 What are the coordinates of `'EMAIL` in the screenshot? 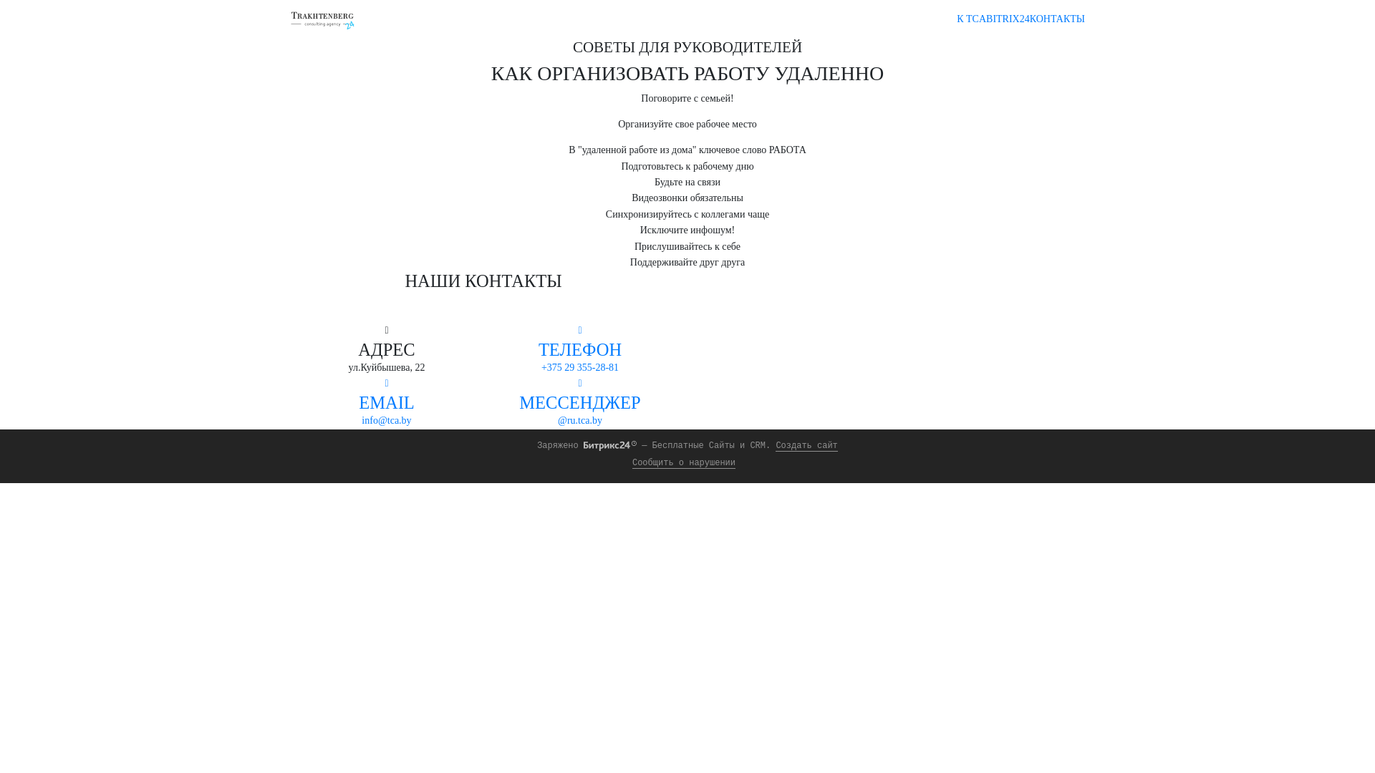 It's located at (386, 402).